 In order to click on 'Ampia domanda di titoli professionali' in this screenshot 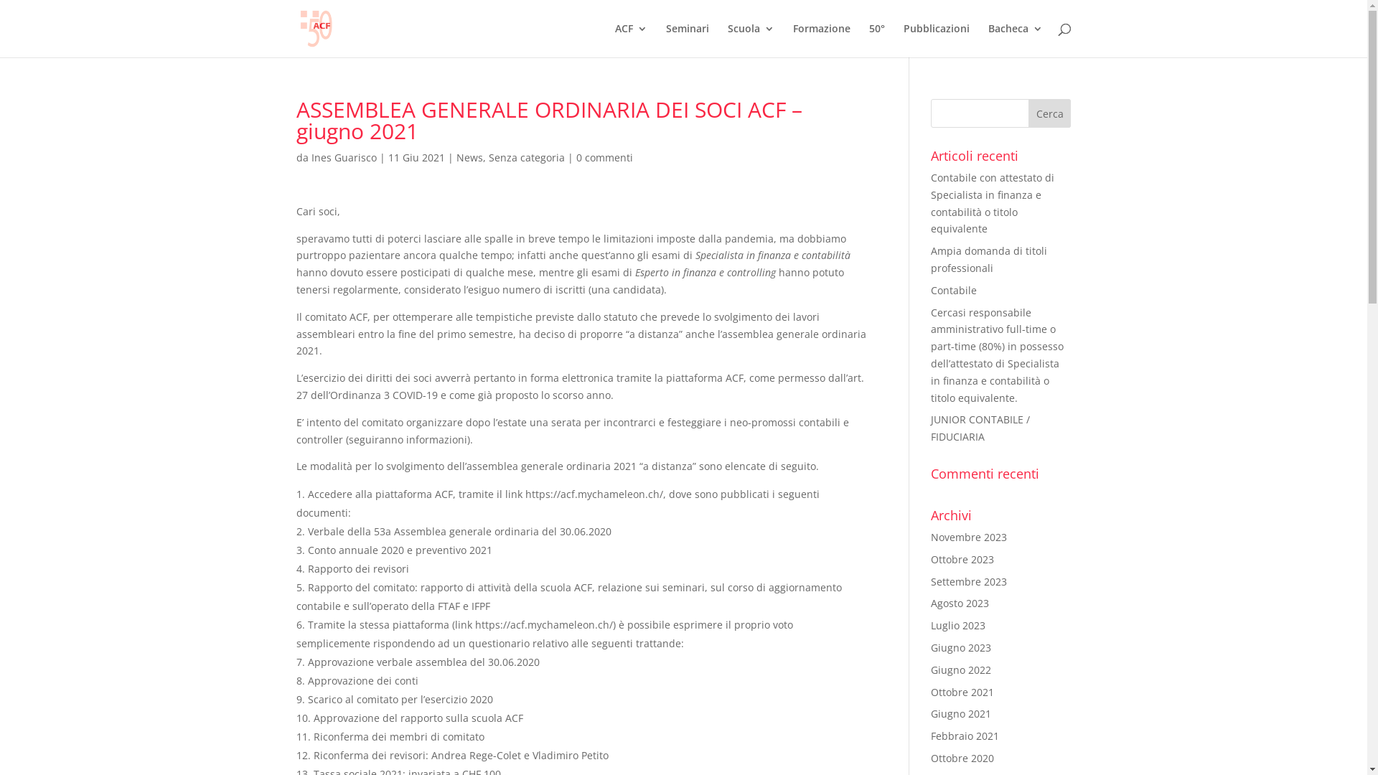, I will do `click(988, 259)`.